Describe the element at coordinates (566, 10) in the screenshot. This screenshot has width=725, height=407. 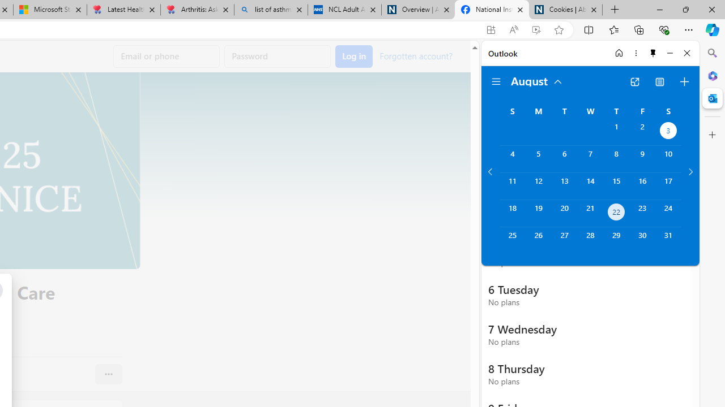
I see `'Cookies | About | NICE'` at that location.